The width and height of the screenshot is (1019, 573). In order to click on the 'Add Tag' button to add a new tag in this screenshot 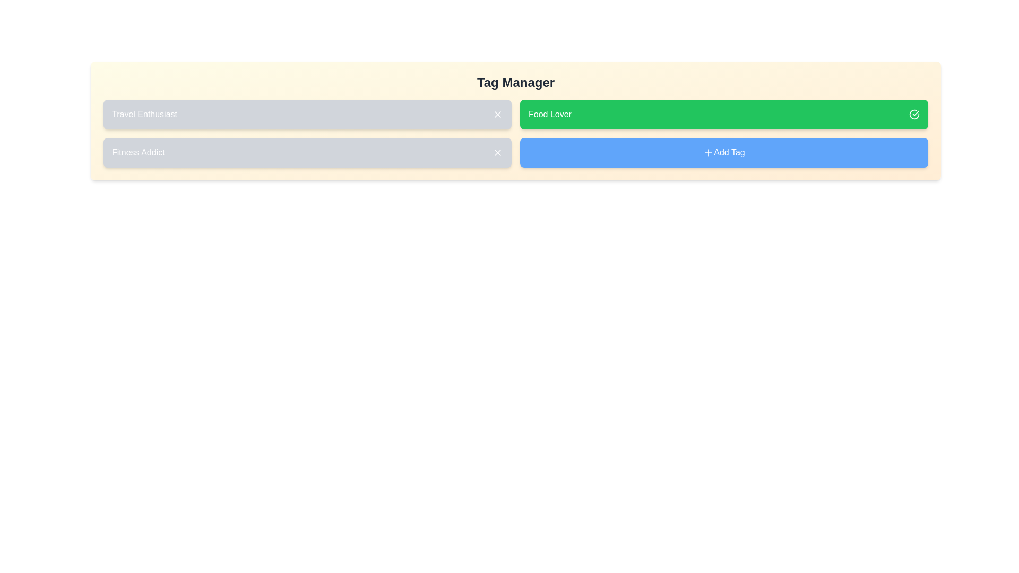, I will do `click(723, 153)`.